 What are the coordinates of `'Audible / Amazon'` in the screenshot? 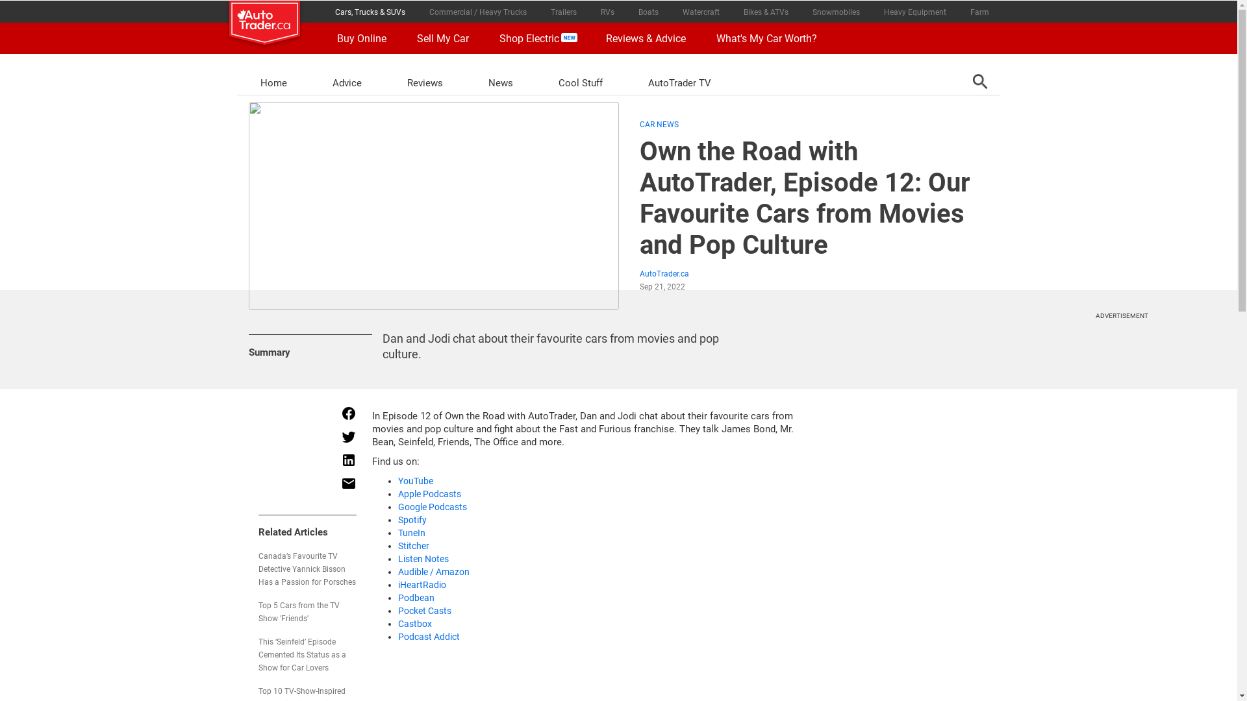 It's located at (433, 571).